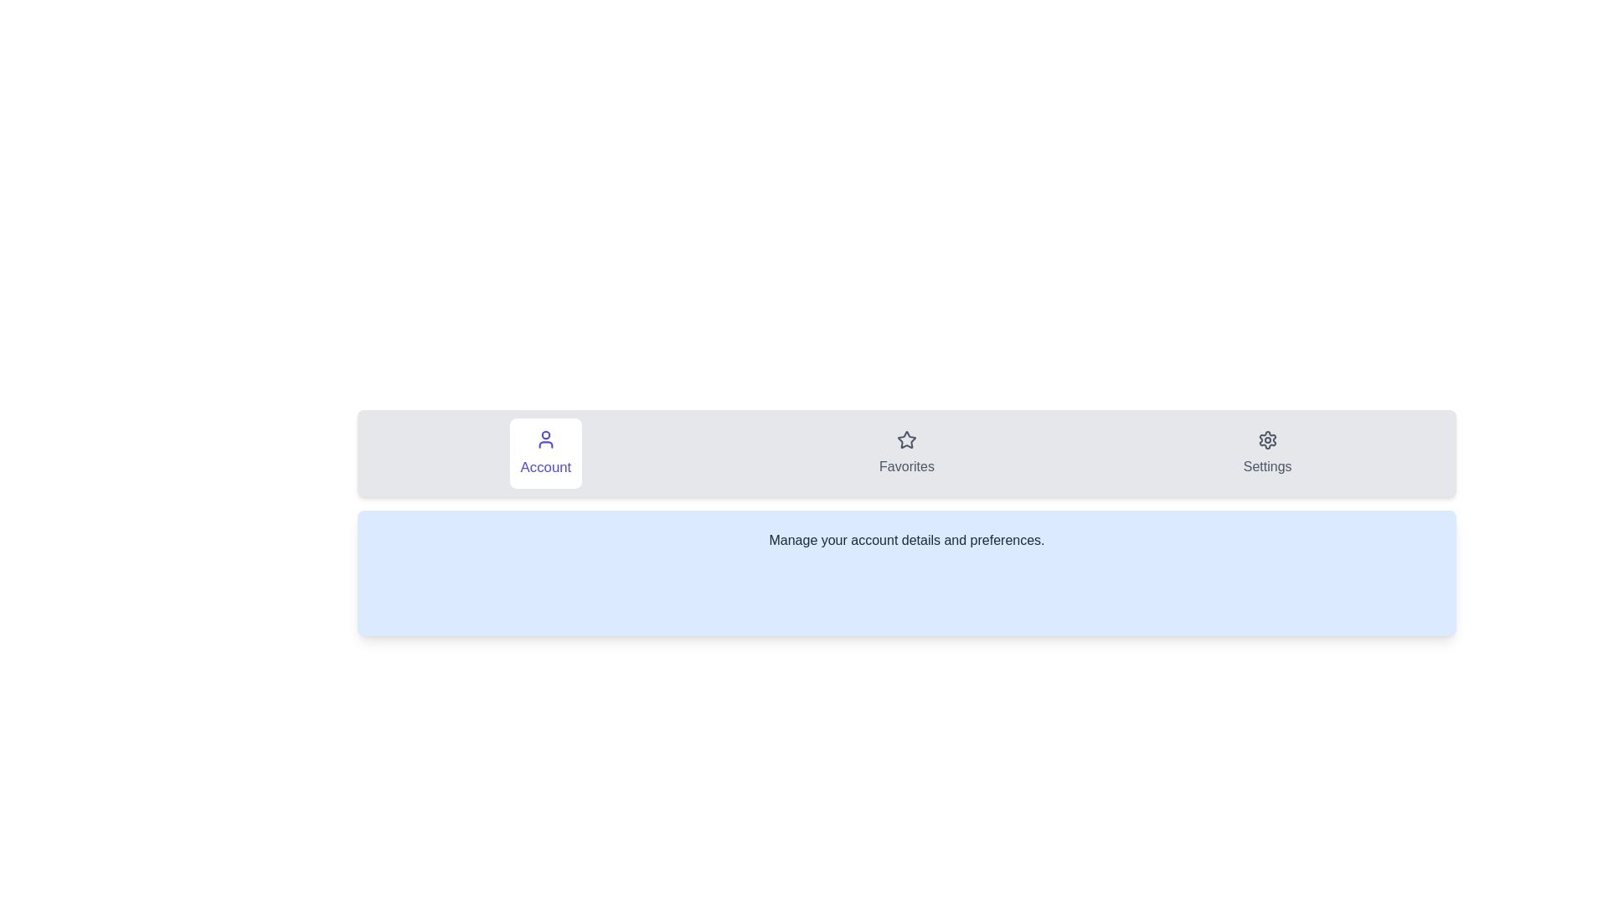 This screenshot has width=1608, height=904. Describe the element at coordinates (1267, 454) in the screenshot. I see `the tab labeled Settings to observe its hover effect` at that location.